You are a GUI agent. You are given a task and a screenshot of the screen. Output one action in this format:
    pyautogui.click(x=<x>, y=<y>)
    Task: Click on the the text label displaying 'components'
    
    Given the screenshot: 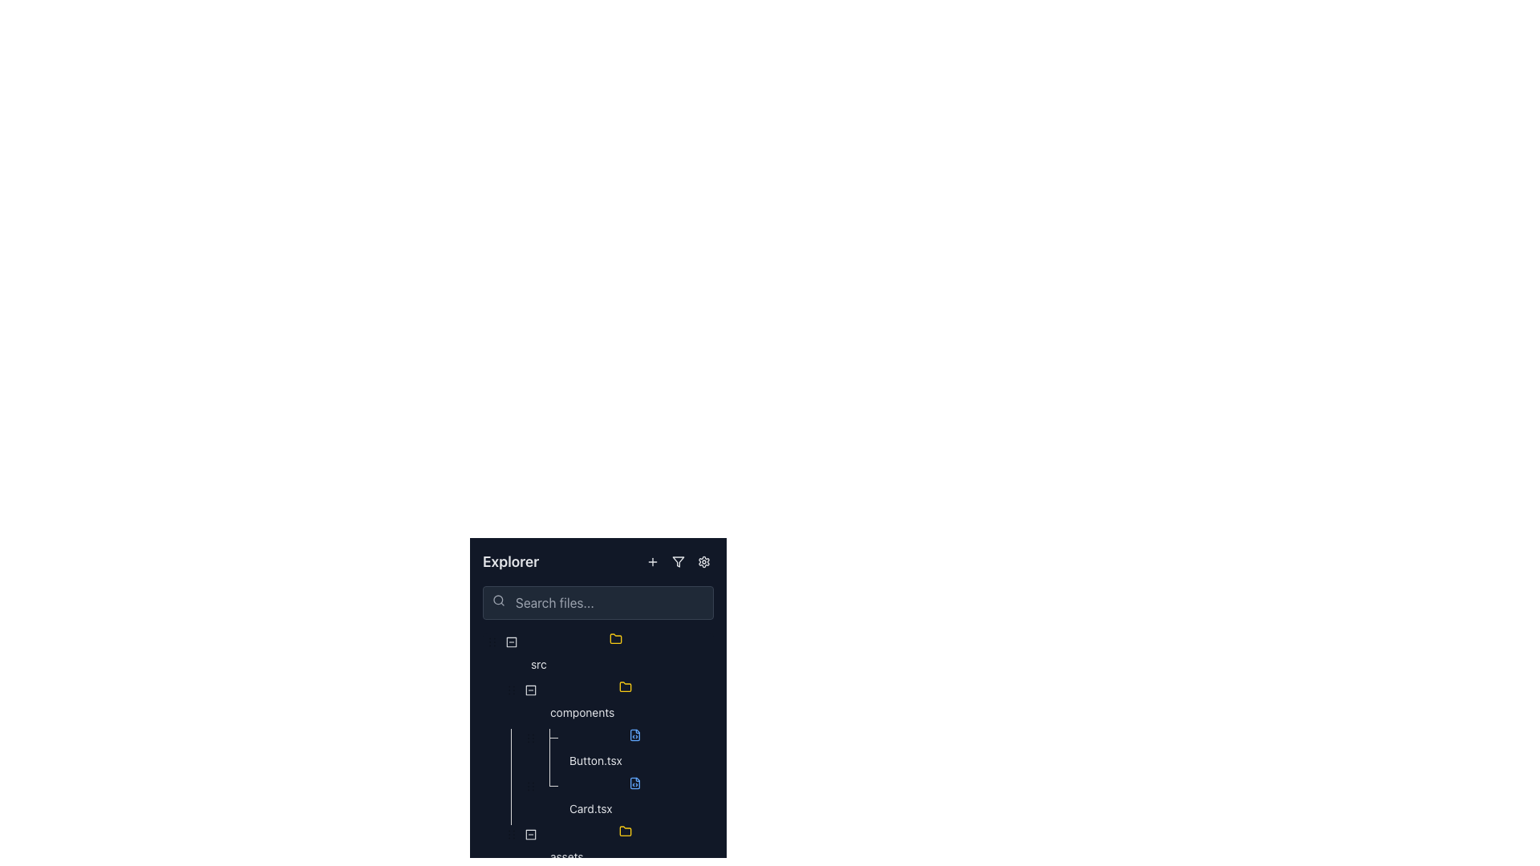 What is the action you would take?
    pyautogui.click(x=582, y=711)
    